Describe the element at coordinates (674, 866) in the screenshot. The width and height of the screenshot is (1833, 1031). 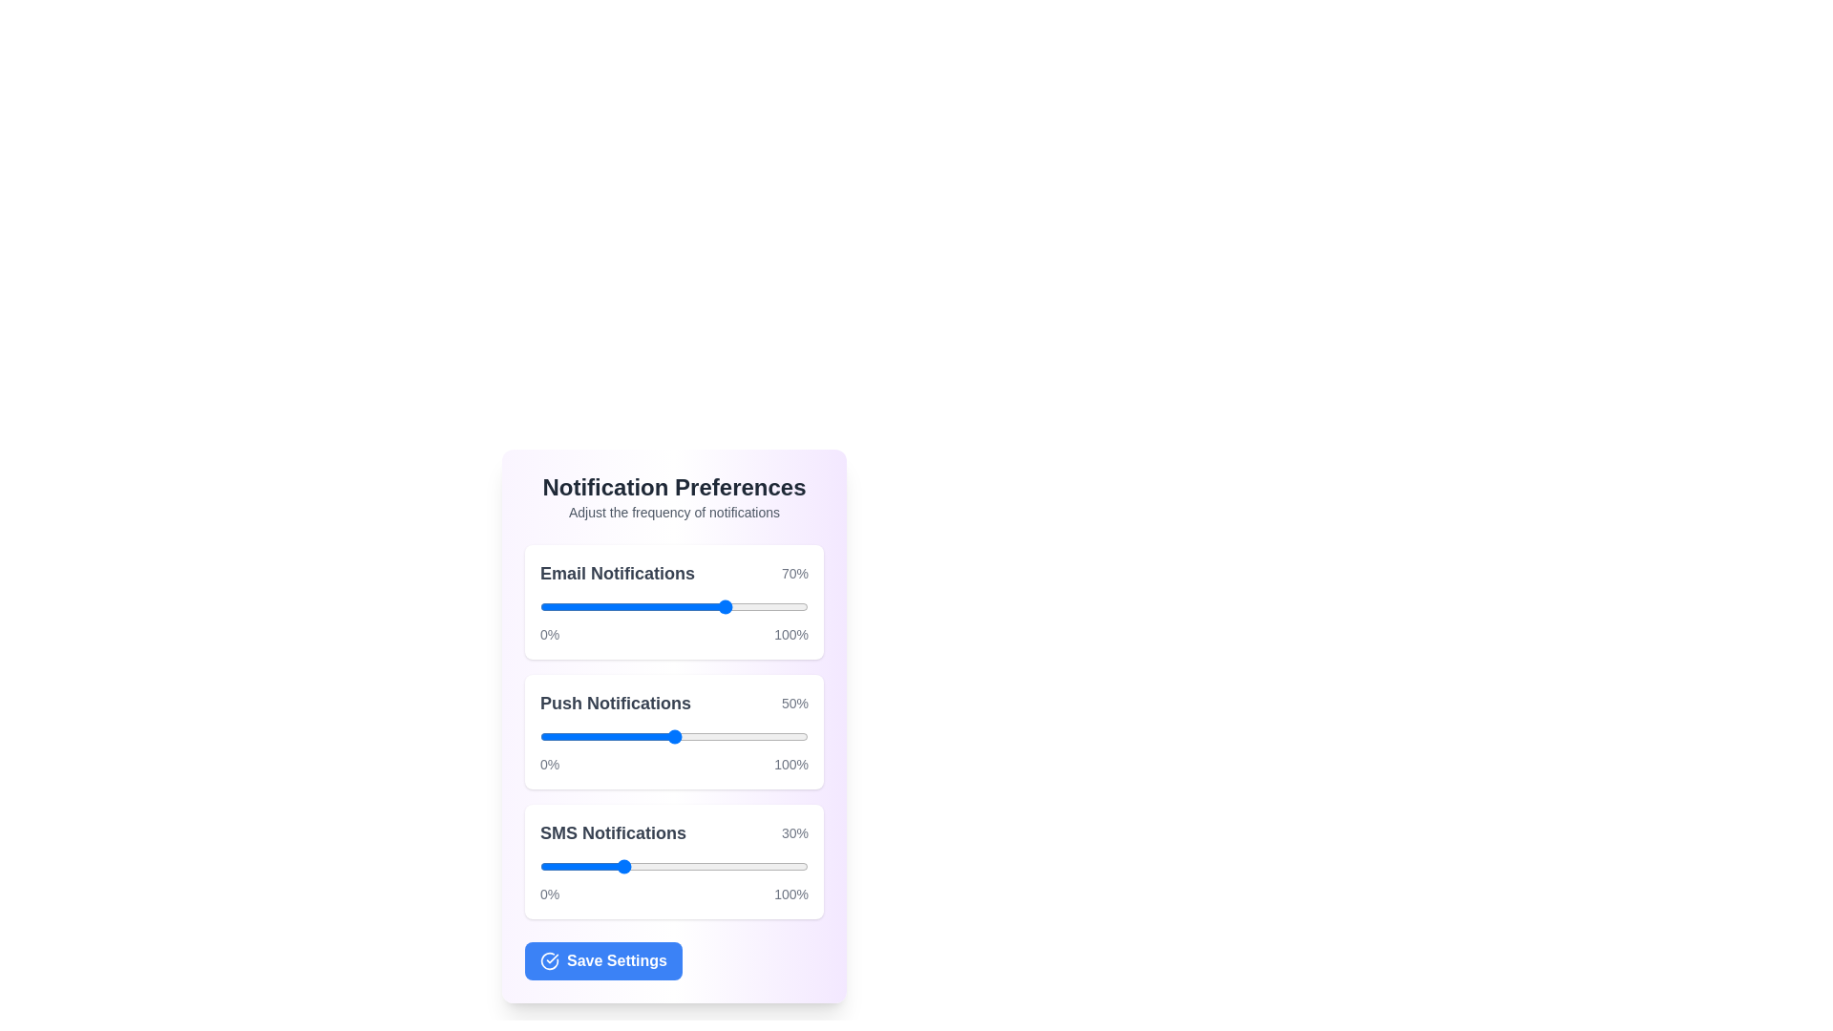
I see `SMS notification slider` at that location.